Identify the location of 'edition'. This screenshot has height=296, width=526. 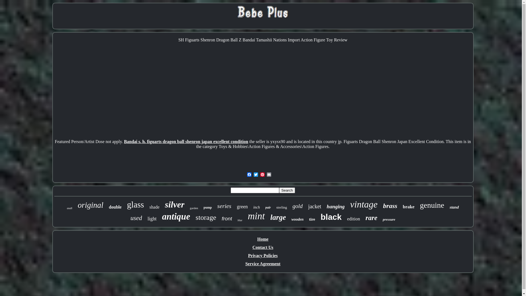
(353, 218).